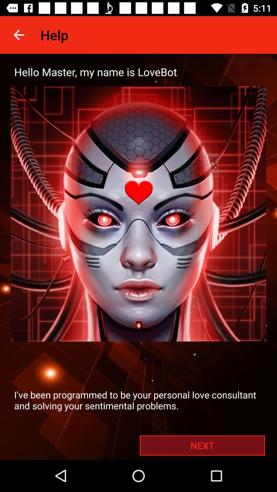 The width and height of the screenshot is (277, 492). What do you see at coordinates (18, 35) in the screenshot?
I see `item next to the help item` at bounding box center [18, 35].